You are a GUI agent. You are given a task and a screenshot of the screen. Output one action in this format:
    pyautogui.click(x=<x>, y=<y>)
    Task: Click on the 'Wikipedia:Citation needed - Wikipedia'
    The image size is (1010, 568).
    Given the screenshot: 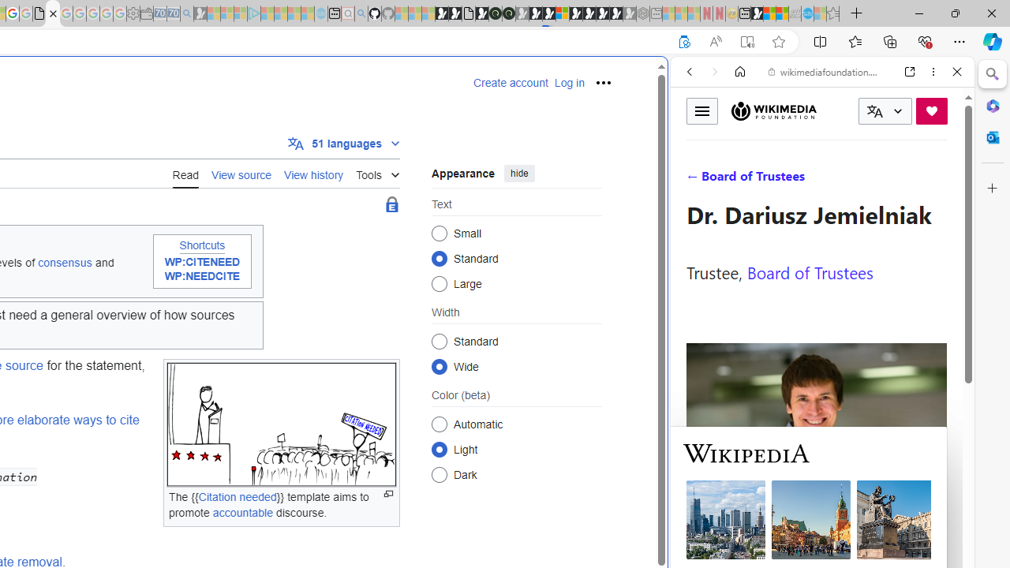 What is the action you would take?
    pyautogui.click(x=53, y=13)
    